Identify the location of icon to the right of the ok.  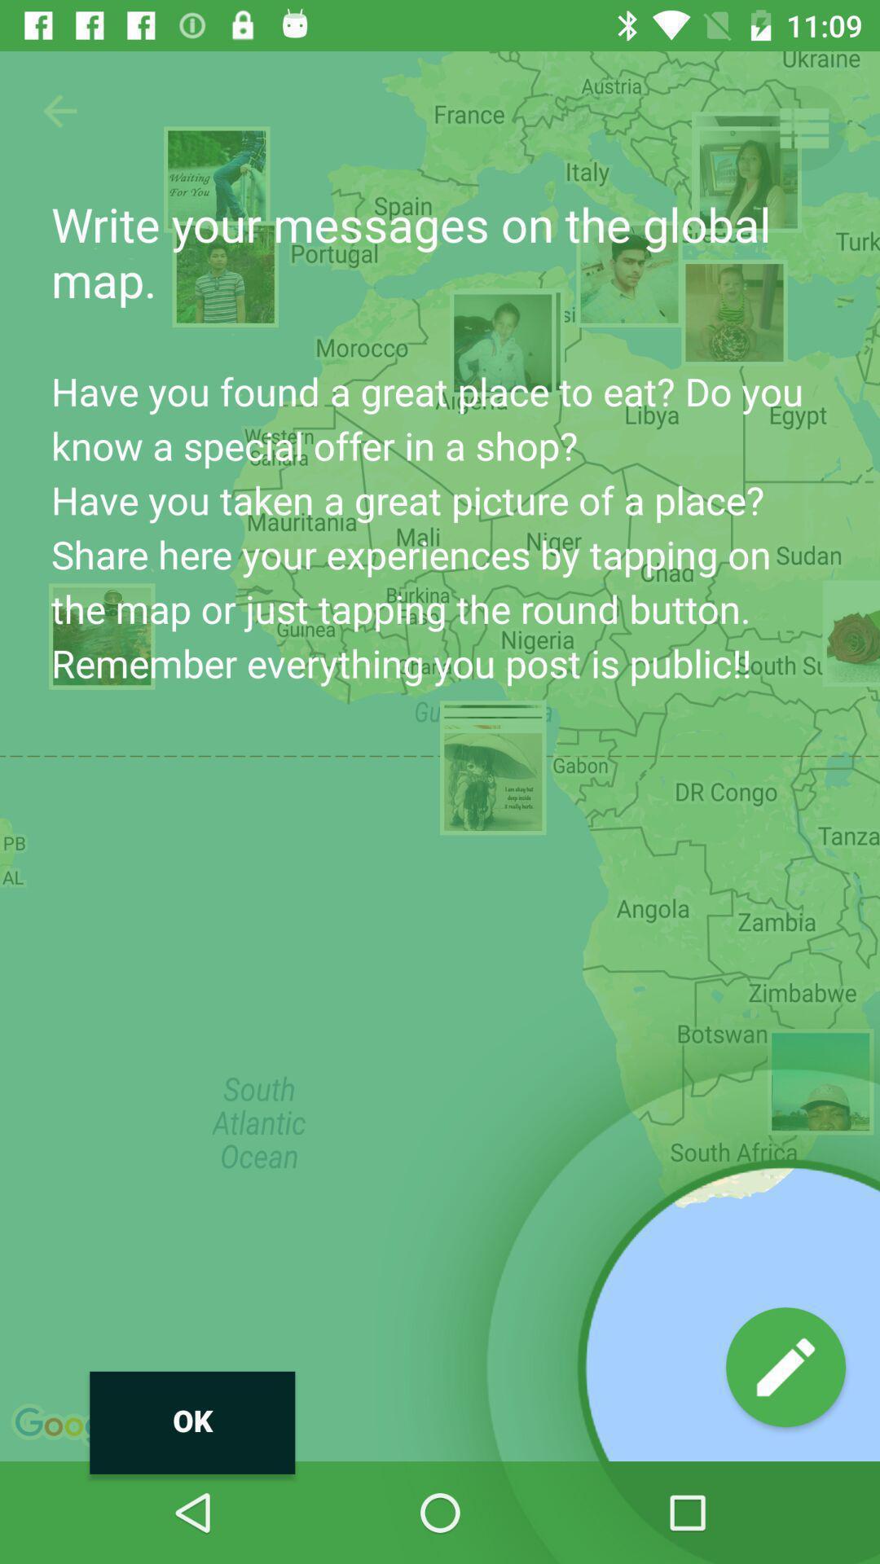
(785, 1367).